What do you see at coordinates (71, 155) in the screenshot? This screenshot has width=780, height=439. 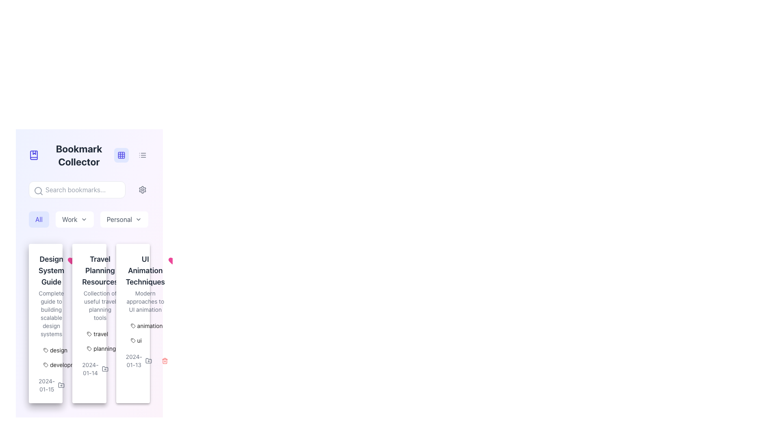 I see `the Header or title bar that features a blue open bookmark icon on the left and the text 'Bookmark Collector' in bold, large black font on the right` at bounding box center [71, 155].